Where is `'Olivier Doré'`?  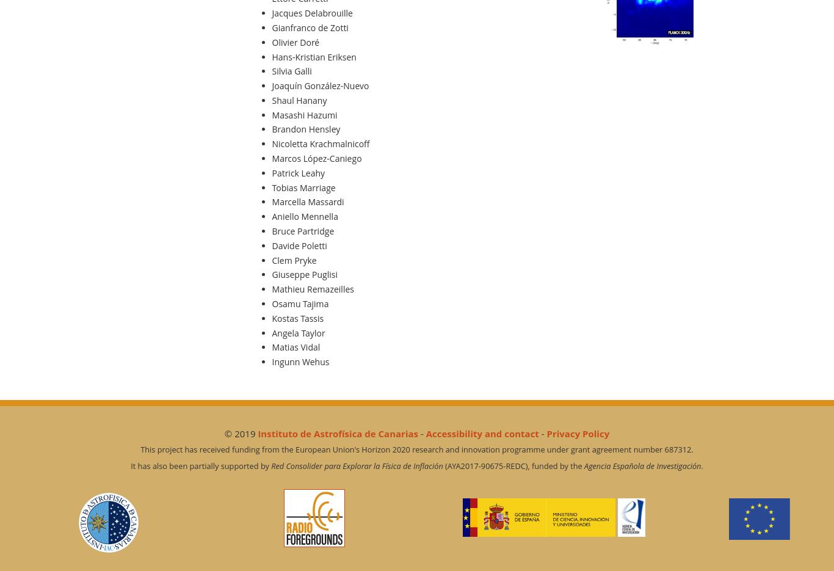 'Olivier Doré' is located at coordinates (295, 42).